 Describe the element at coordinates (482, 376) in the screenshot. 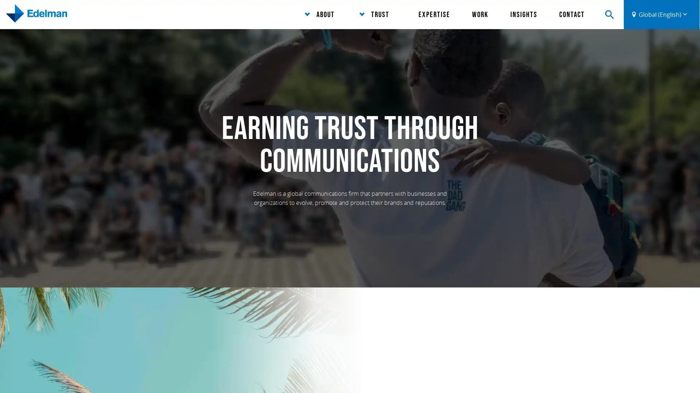

I see `Decline` at that location.